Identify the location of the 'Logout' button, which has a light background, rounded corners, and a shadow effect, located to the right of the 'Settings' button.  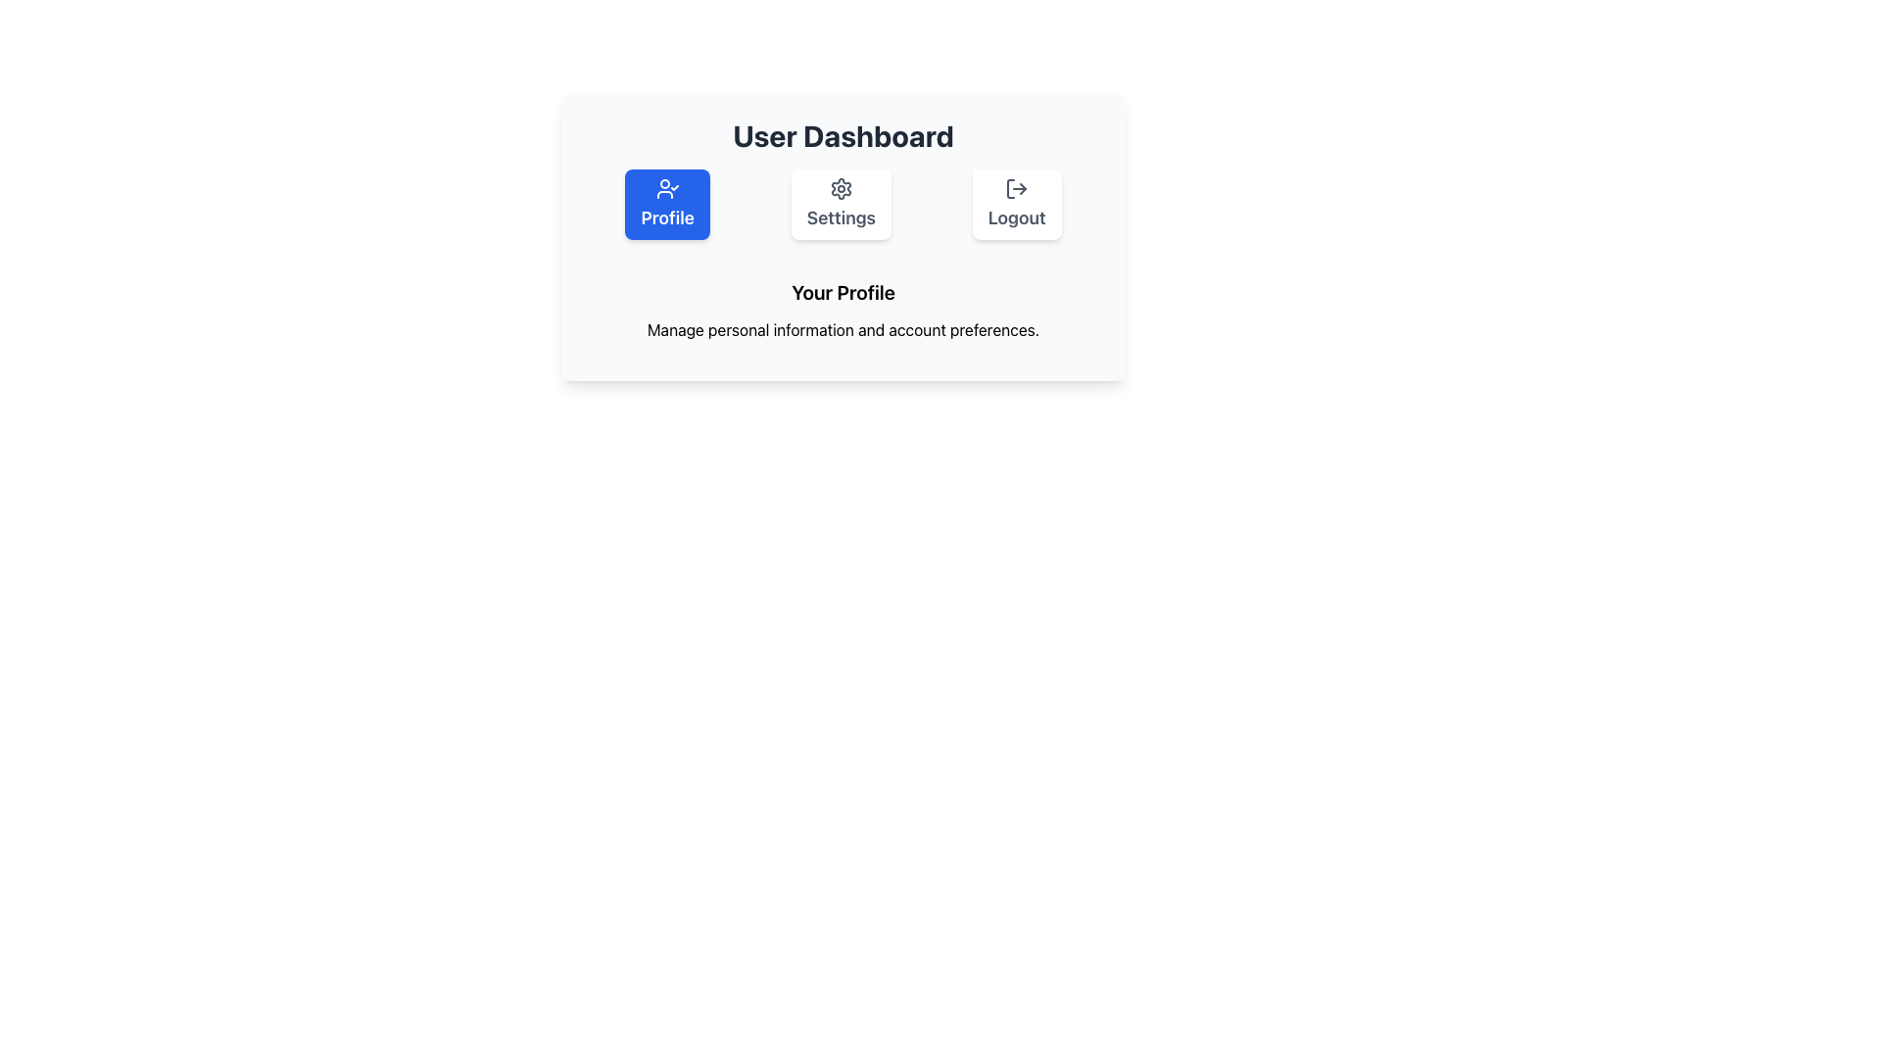
(1017, 204).